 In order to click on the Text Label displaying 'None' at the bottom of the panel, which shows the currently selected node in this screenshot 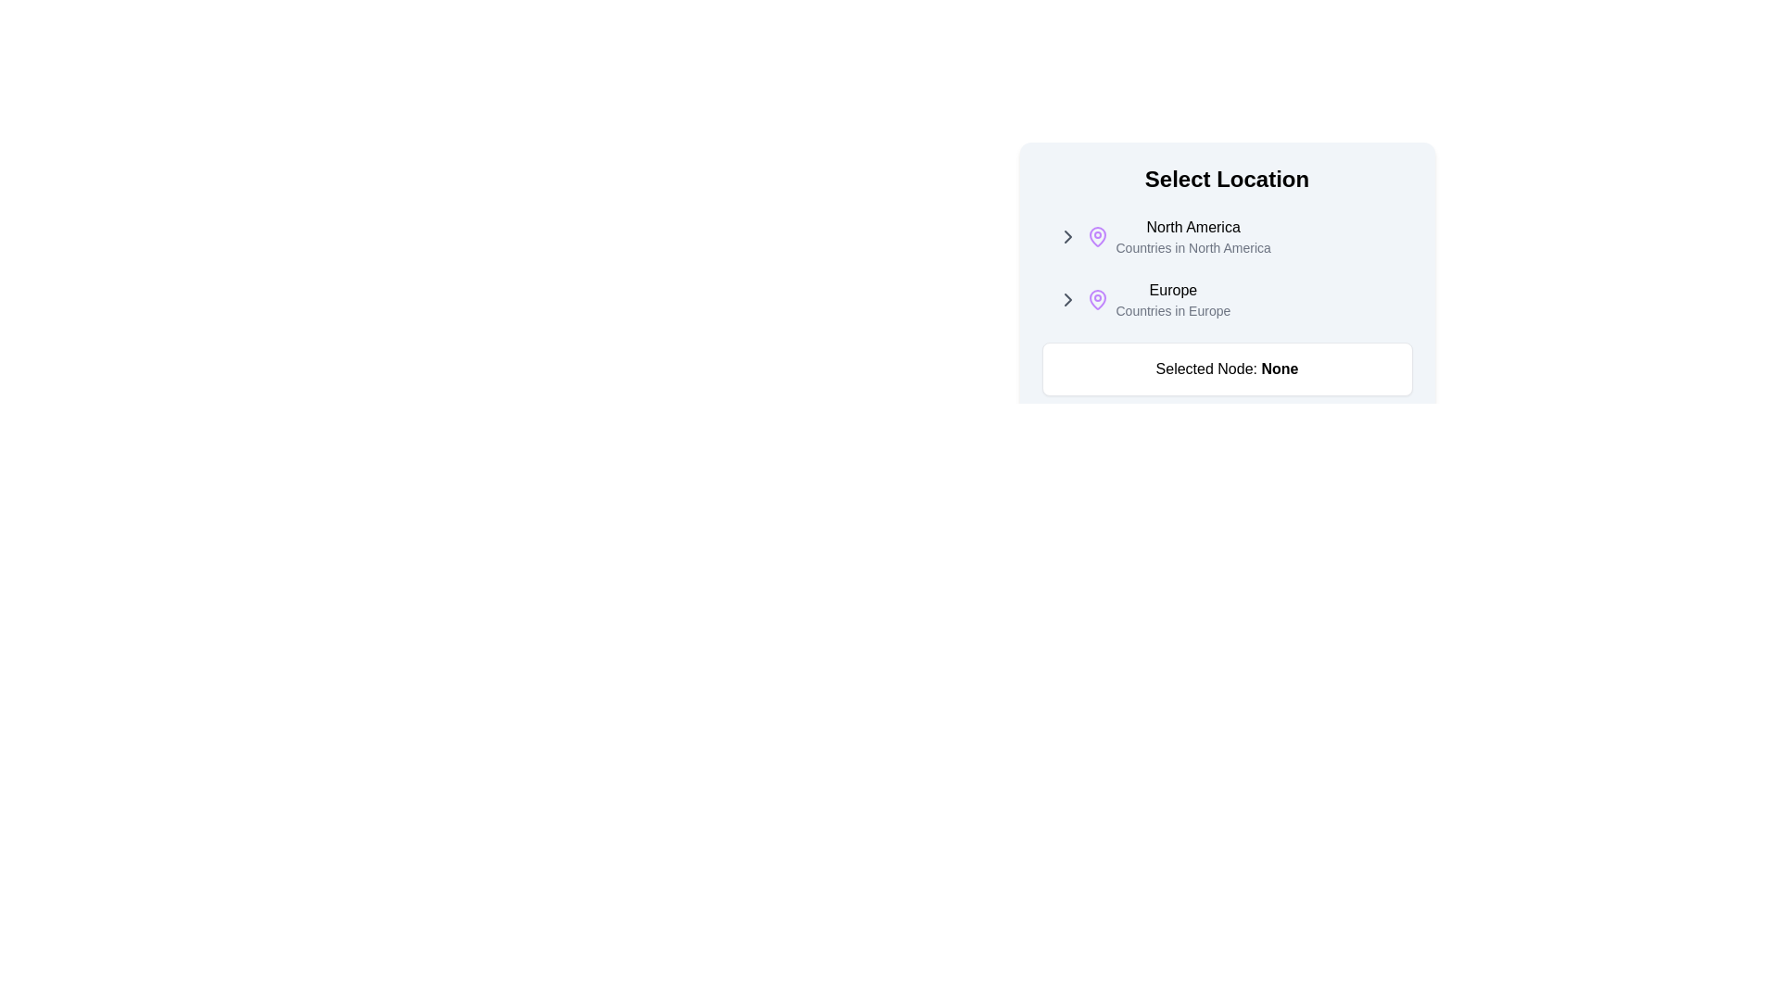, I will do `click(1227, 369)`.